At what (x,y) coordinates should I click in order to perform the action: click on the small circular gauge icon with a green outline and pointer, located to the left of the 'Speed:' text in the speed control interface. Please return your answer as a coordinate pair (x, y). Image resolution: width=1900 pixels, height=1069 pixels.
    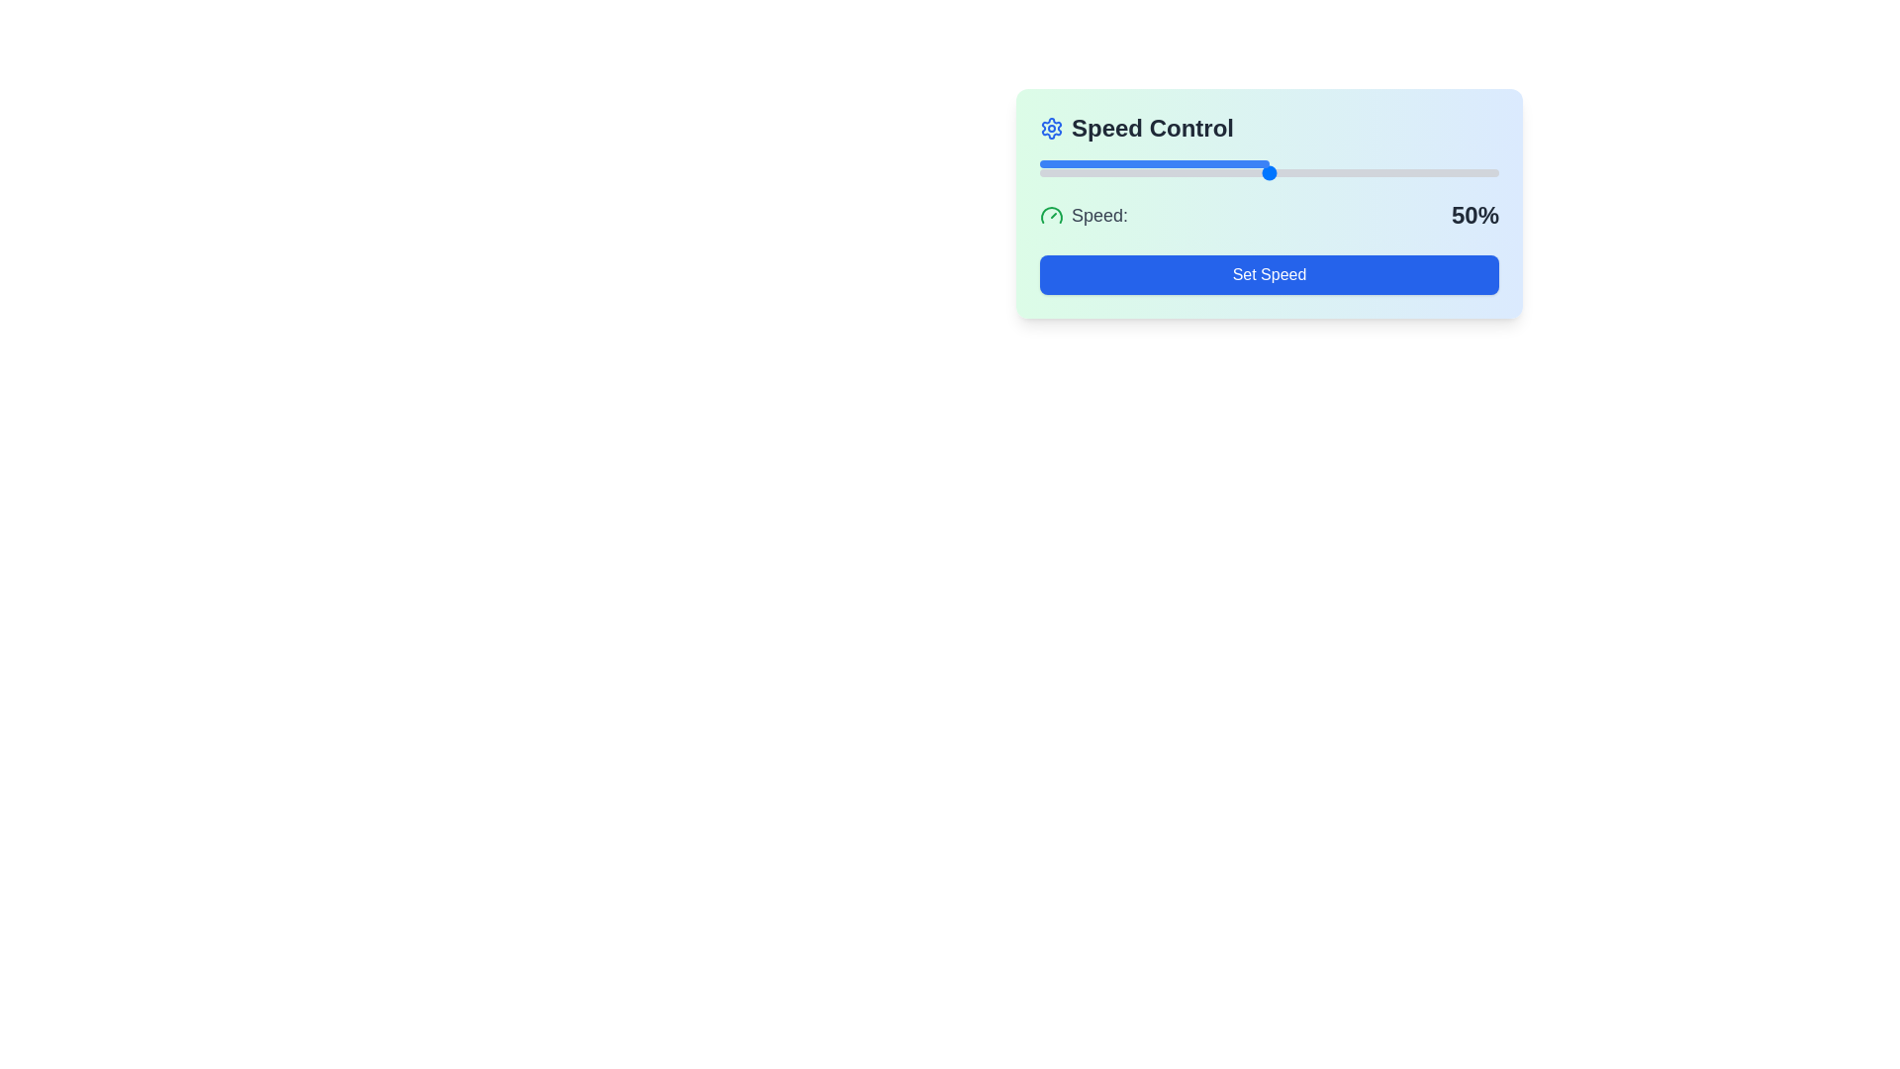
    Looking at the image, I should click on (1050, 216).